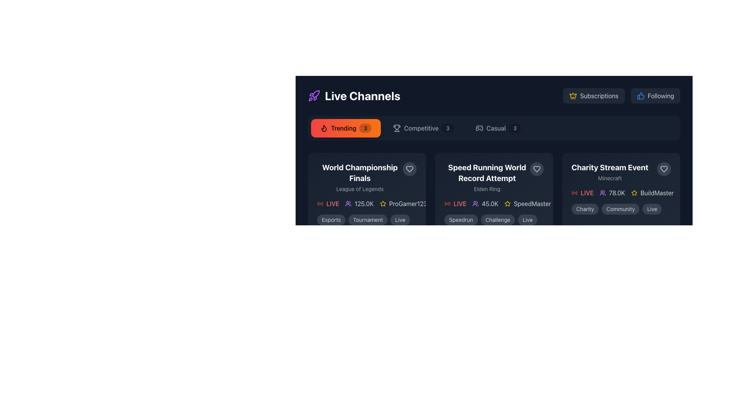 This screenshot has width=740, height=416. I want to click on the live indicator text label for the 'World Championship Finals', so click(333, 203).